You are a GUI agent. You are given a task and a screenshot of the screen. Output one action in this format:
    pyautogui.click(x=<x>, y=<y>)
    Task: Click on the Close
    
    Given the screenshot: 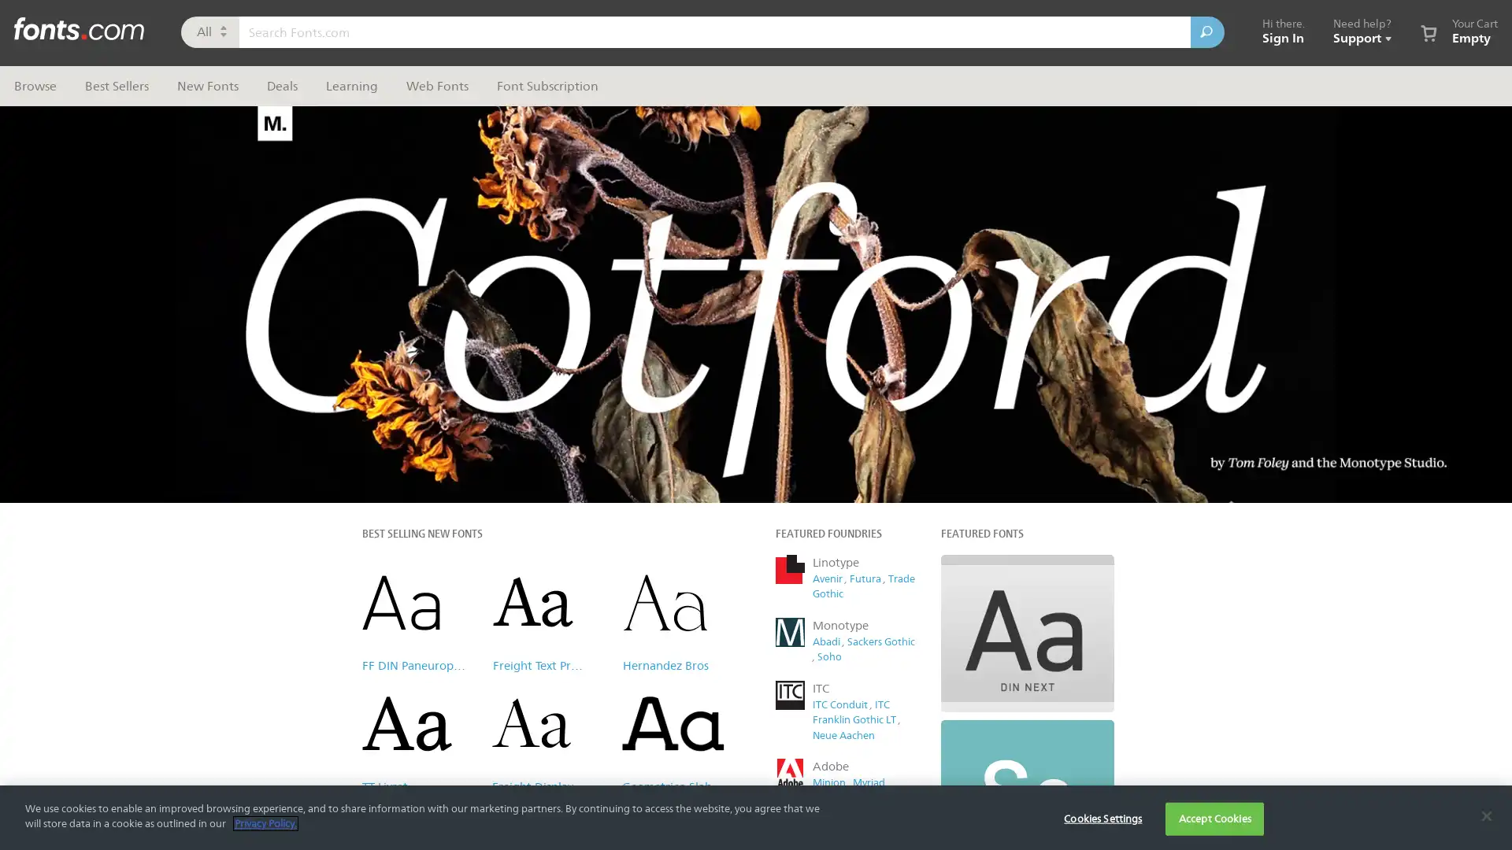 What is the action you would take?
    pyautogui.click(x=1051, y=113)
    